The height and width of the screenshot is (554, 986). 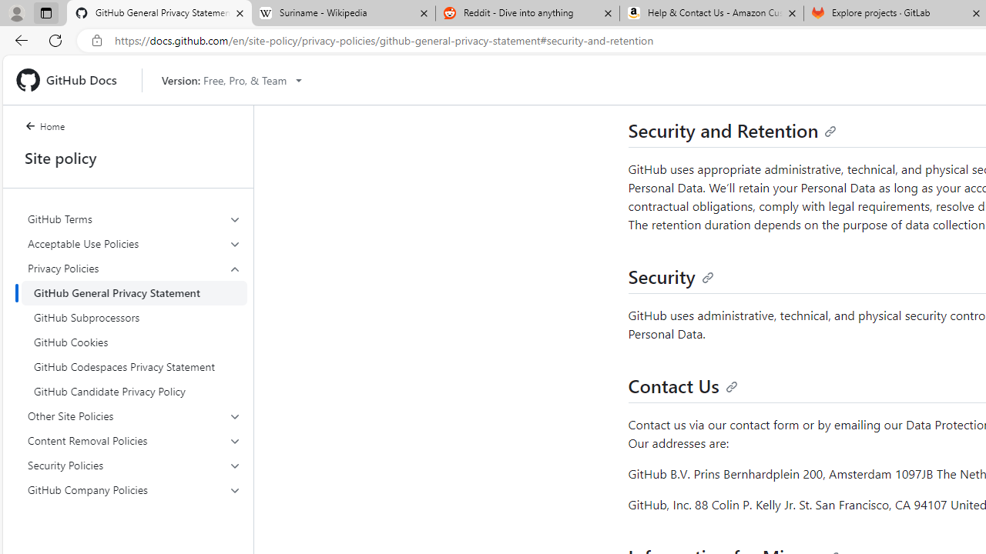 What do you see at coordinates (159, 13) in the screenshot?
I see `'GitHub General Privacy Statement - GitHub Docs'` at bounding box center [159, 13].